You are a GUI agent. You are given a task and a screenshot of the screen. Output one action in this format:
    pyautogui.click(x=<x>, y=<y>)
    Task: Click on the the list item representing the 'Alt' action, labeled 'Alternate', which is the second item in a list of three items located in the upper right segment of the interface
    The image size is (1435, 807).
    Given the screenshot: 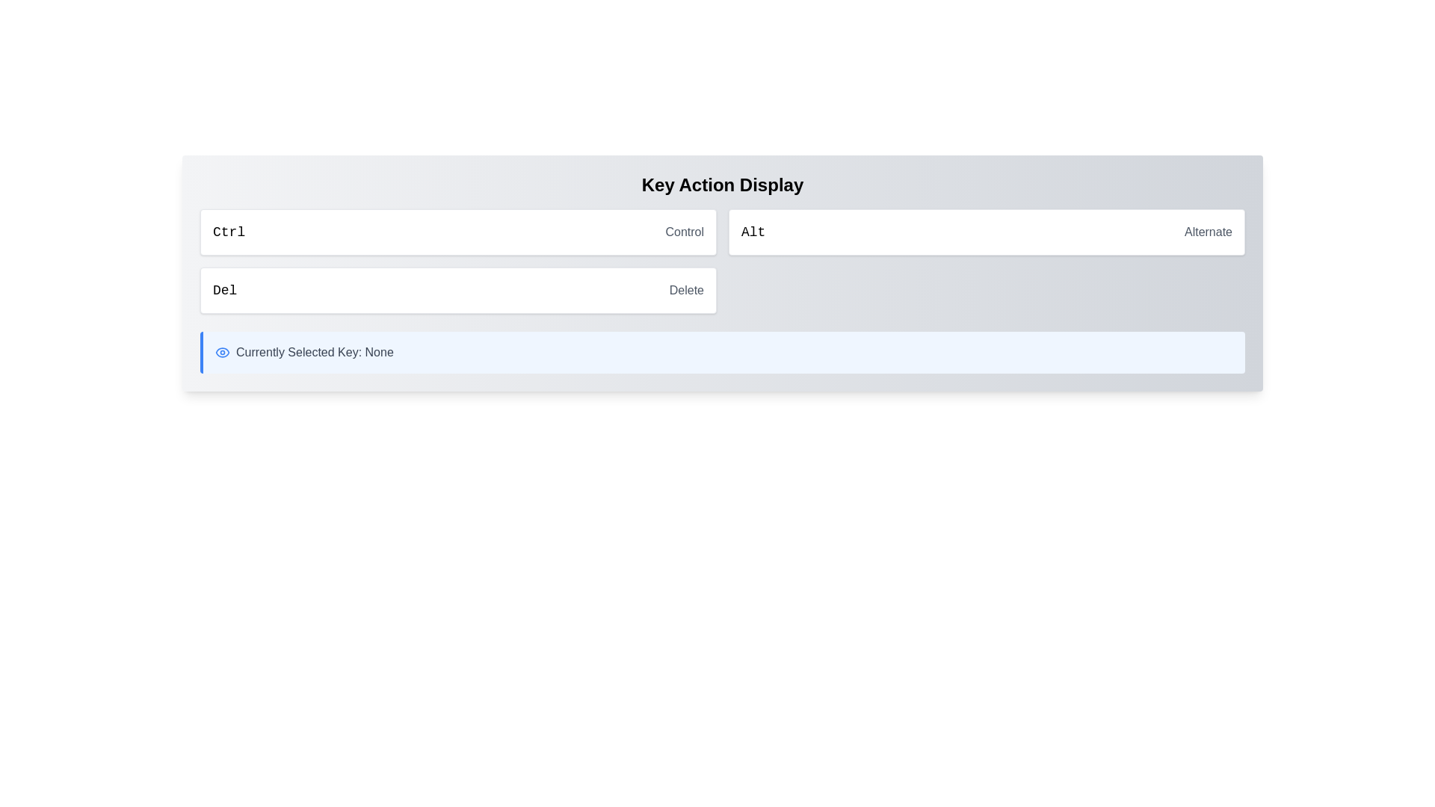 What is the action you would take?
    pyautogui.click(x=987, y=232)
    